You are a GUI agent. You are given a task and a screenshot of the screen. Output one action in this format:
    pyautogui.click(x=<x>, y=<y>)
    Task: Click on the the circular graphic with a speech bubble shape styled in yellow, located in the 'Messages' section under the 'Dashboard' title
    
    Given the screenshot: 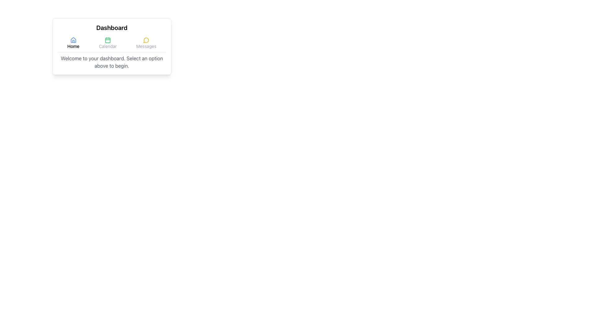 What is the action you would take?
    pyautogui.click(x=146, y=40)
    